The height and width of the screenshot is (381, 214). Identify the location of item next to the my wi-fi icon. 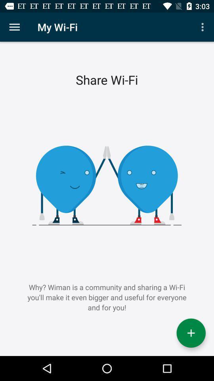
(203, 27).